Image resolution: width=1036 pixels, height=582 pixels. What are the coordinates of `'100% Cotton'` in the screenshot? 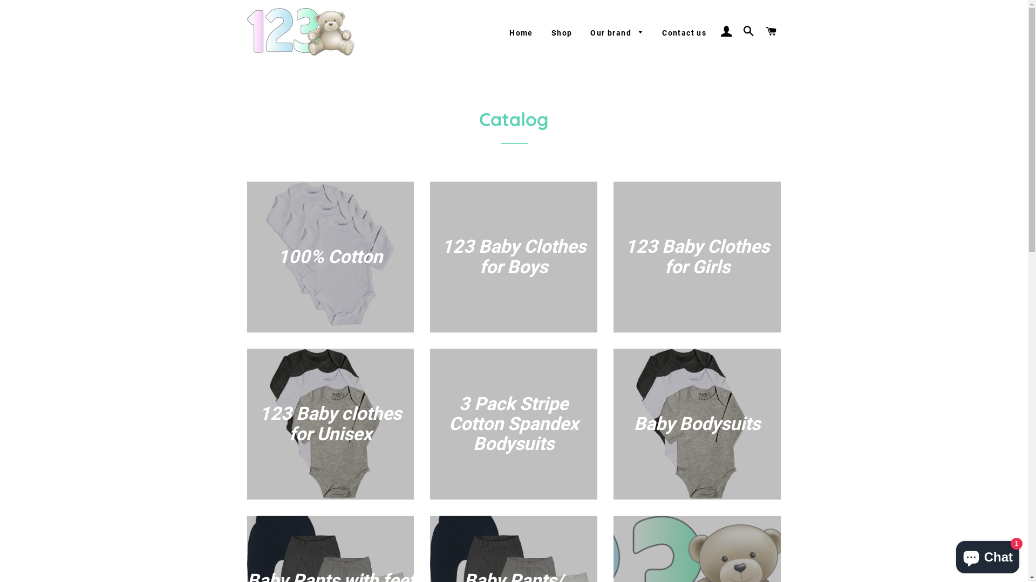 It's located at (330, 257).